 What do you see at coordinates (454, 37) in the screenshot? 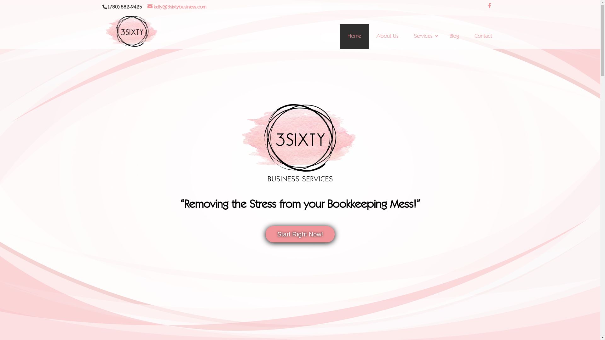
I see `'Blog'` at bounding box center [454, 37].